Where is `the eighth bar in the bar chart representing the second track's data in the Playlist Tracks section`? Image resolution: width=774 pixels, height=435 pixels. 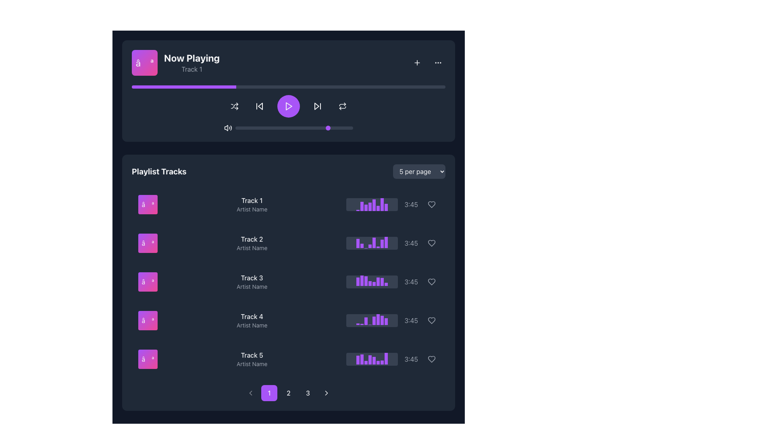
the eighth bar in the bar chart representing the second track's data in the Playlist Tracks section is located at coordinates (386, 242).